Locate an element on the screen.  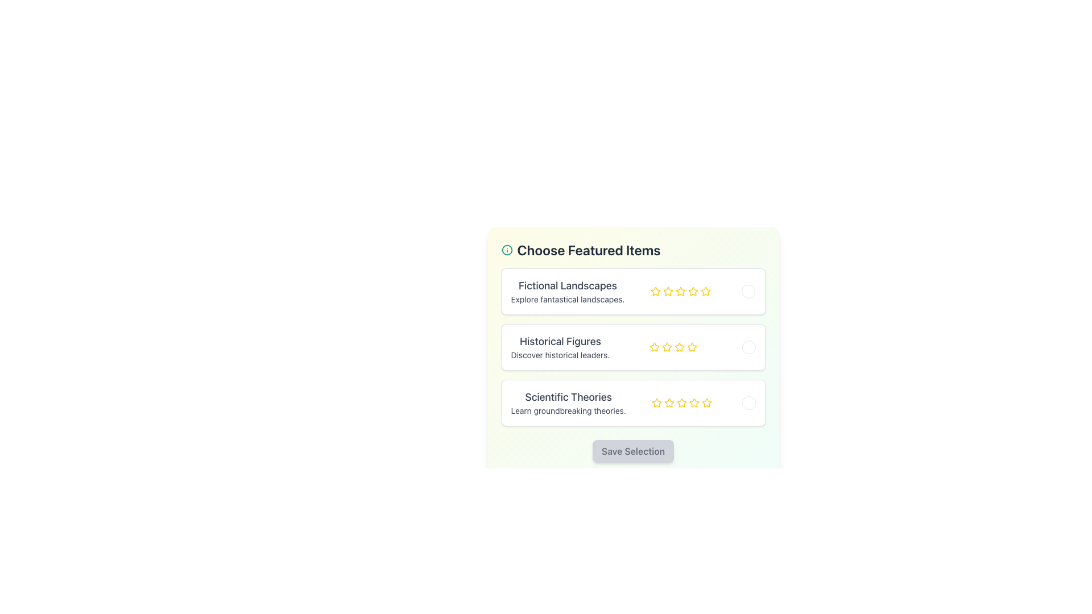
the third yellow star icon in the rating row for the 'Scientific Theories' section is located at coordinates (681, 402).